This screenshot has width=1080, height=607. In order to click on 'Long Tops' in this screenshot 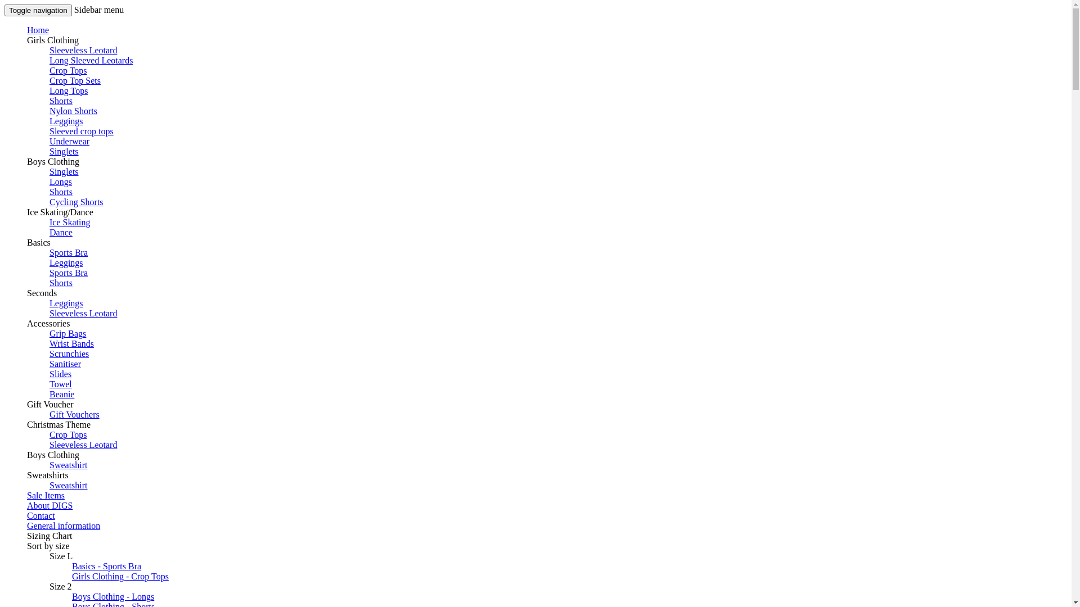, I will do `click(48, 90)`.